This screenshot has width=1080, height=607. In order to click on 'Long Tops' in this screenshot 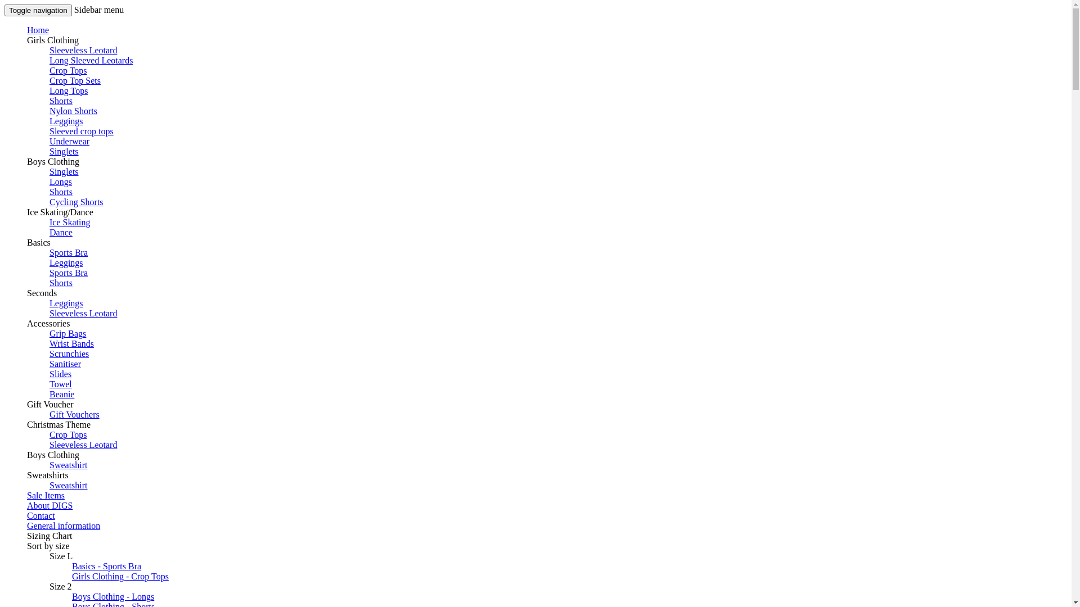, I will do `click(48, 90)`.